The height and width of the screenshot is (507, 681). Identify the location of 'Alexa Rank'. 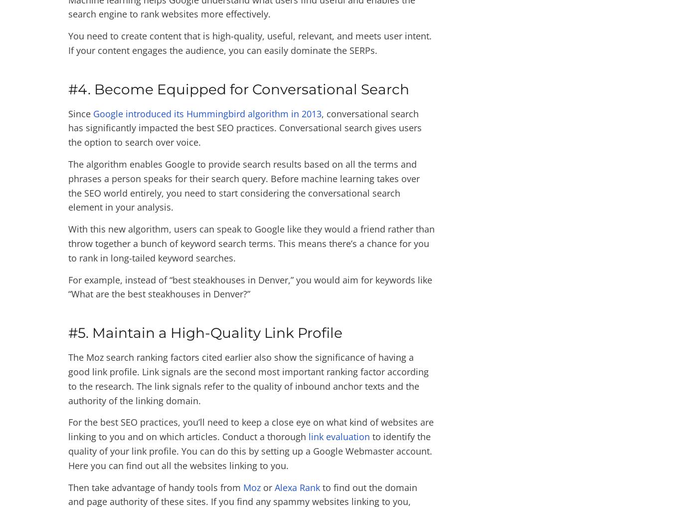
(275, 487).